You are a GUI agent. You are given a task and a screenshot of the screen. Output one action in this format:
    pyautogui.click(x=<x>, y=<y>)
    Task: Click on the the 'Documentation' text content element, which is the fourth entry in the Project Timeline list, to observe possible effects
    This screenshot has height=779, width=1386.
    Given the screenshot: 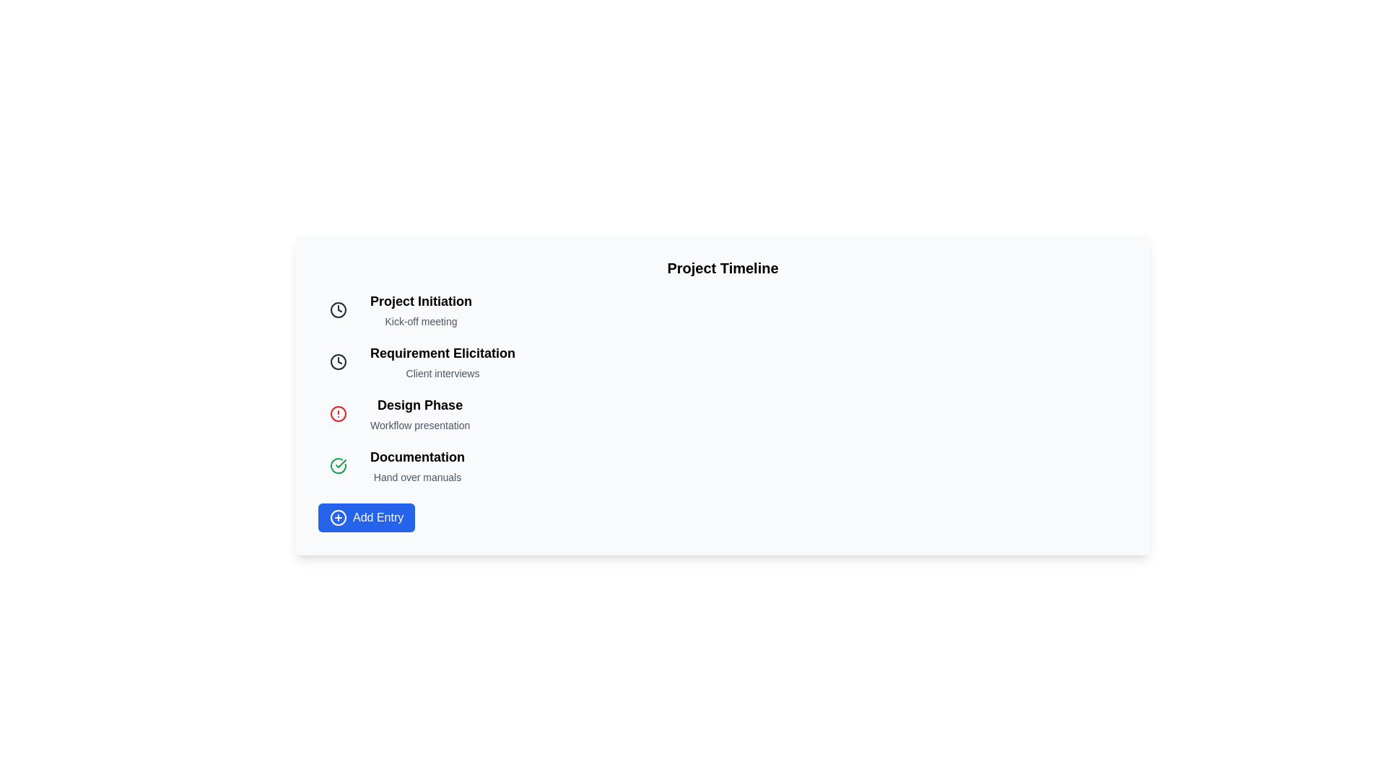 What is the action you would take?
    pyautogui.click(x=417, y=465)
    